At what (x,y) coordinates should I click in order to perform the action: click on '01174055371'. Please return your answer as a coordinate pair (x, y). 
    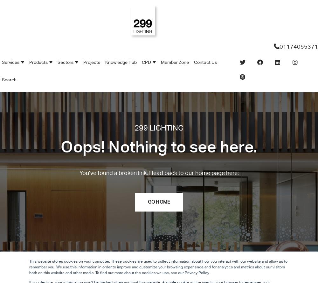
    Looking at the image, I should click on (280, 46).